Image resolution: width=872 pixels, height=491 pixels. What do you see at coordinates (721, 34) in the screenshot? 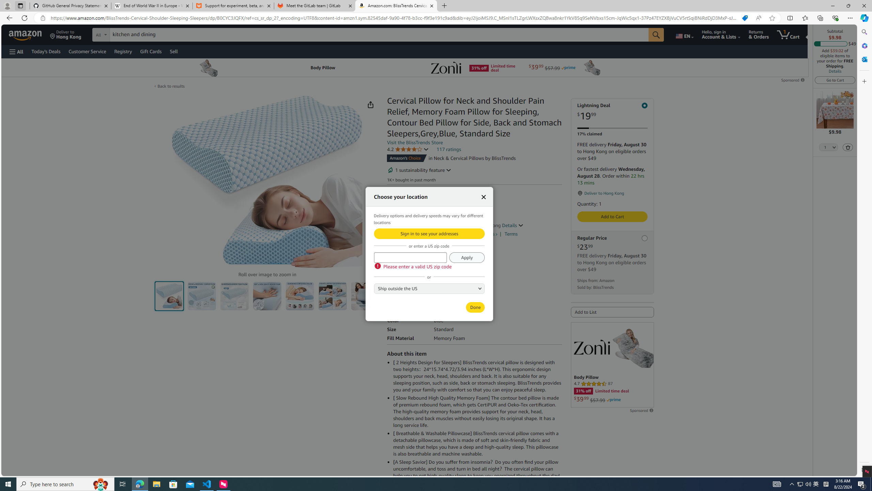
I see `'Hello, sign in Account & Lists'` at bounding box center [721, 34].